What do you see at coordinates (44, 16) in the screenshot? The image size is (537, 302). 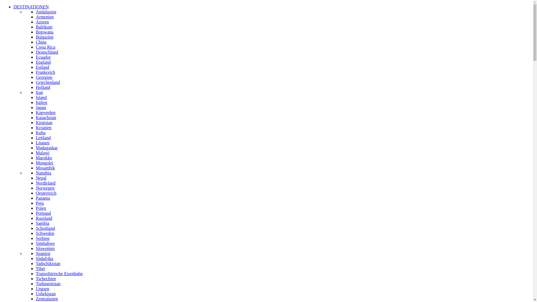 I see `'Armenien'` at bounding box center [44, 16].